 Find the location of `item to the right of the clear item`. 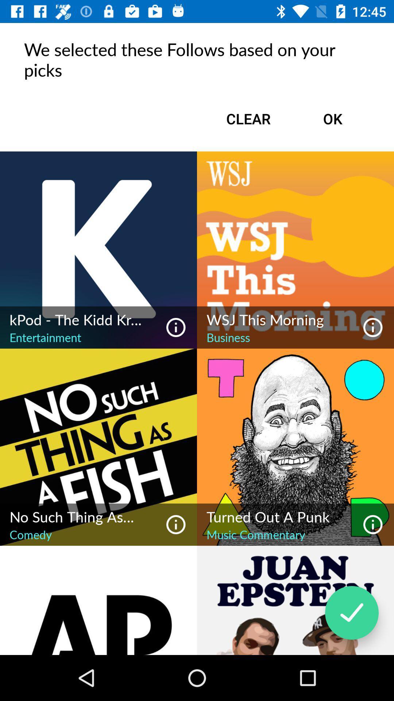

item to the right of the clear item is located at coordinates (332, 119).